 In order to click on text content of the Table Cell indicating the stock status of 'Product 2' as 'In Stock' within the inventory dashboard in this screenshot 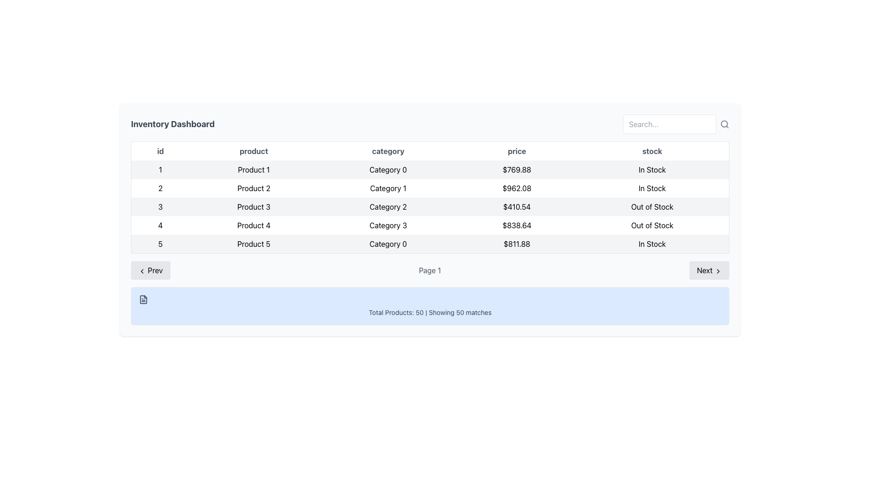, I will do `click(652, 188)`.